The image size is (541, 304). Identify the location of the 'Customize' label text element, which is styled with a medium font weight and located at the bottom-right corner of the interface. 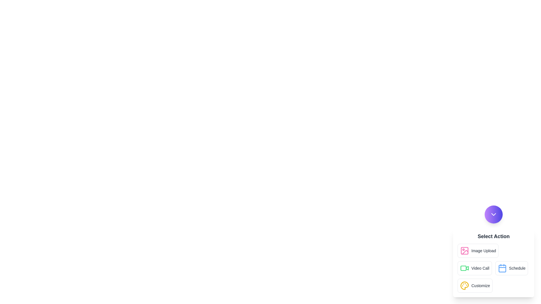
(480, 285).